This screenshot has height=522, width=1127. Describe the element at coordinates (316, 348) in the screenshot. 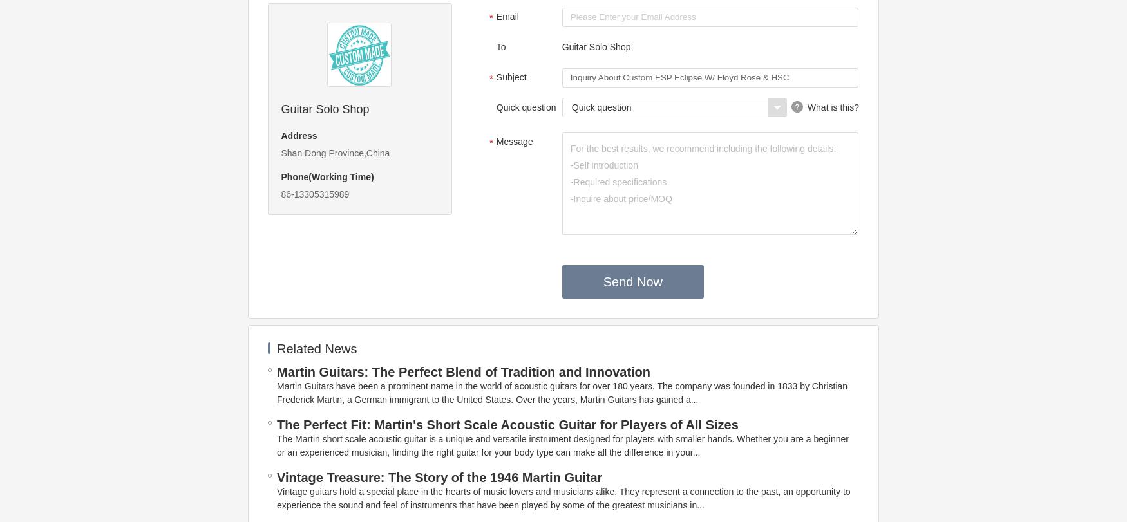

I see `'Related News'` at that location.